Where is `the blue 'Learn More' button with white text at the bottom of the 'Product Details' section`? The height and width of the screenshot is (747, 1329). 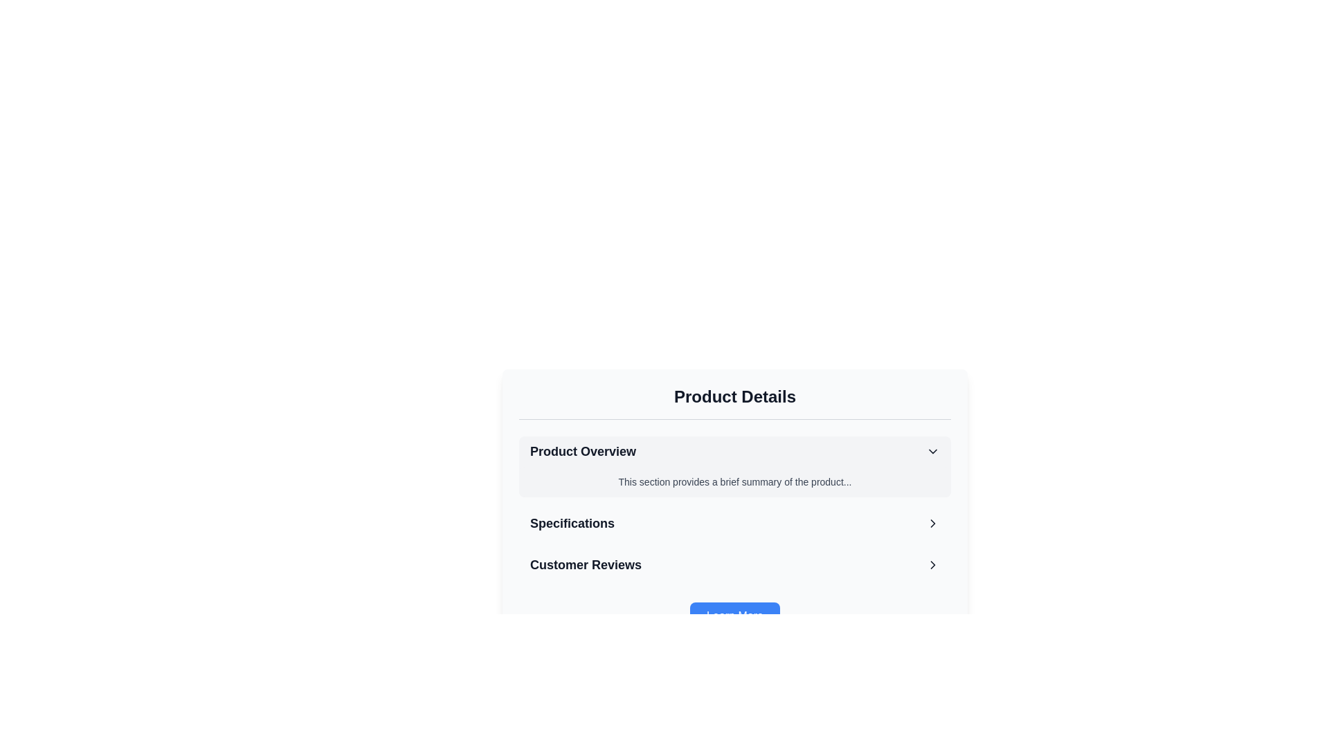 the blue 'Learn More' button with white text at the bottom of the 'Product Details' section is located at coordinates (734, 616).